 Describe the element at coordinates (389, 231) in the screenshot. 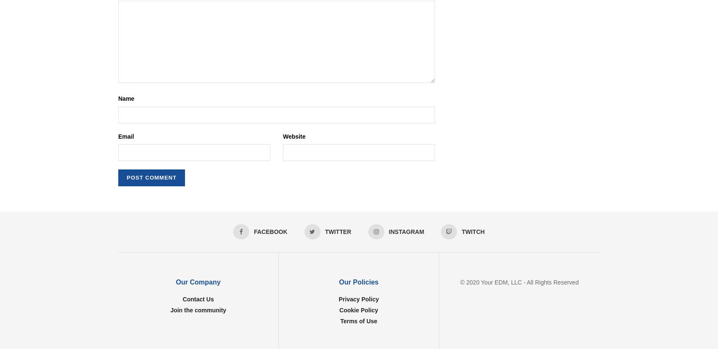

I see `'Instagram'` at that location.